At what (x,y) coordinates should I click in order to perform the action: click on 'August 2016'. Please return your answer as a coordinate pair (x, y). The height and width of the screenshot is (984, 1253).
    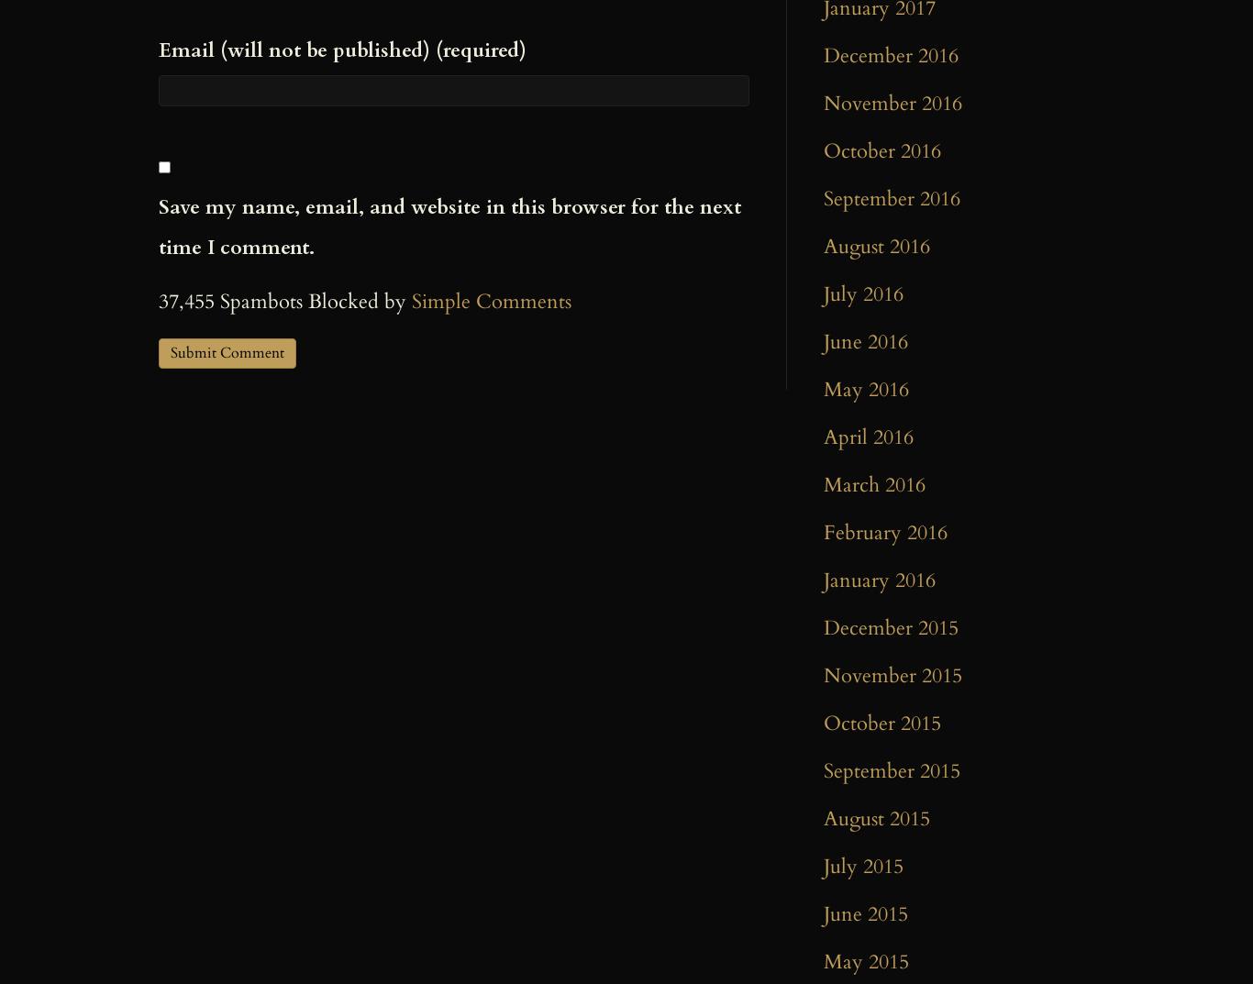
    Looking at the image, I should click on (877, 246).